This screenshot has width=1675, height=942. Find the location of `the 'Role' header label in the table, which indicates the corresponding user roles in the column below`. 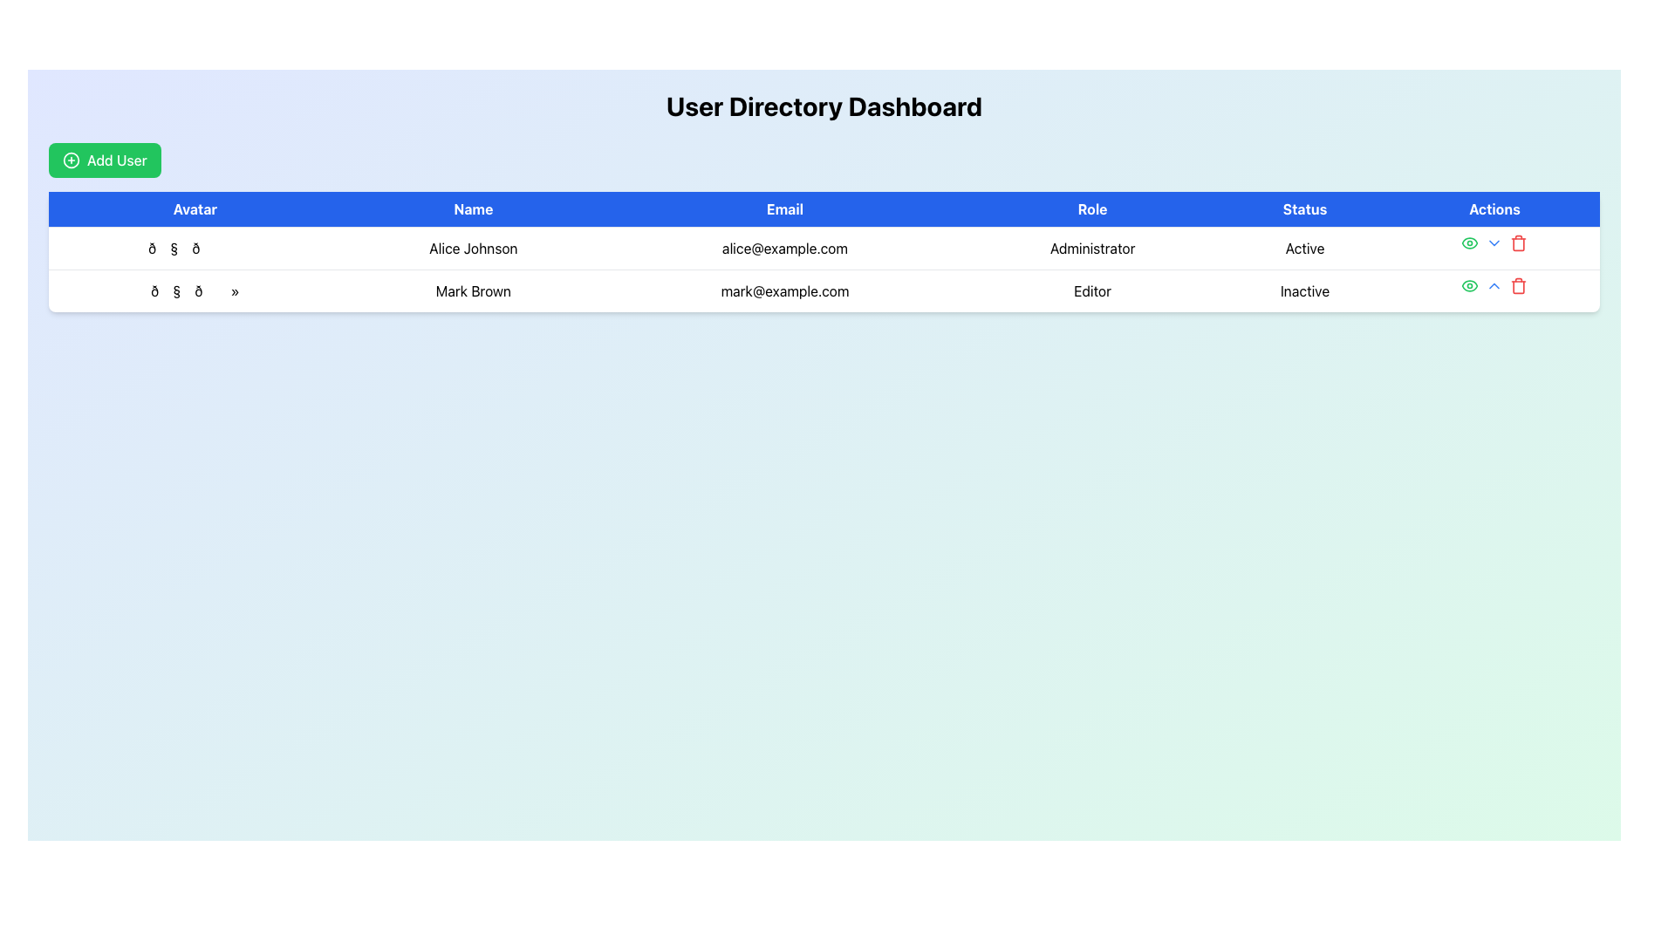

the 'Role' header label in the table, which indicates the corresponding user roles in the column below is located at coordinates (1091, 208).